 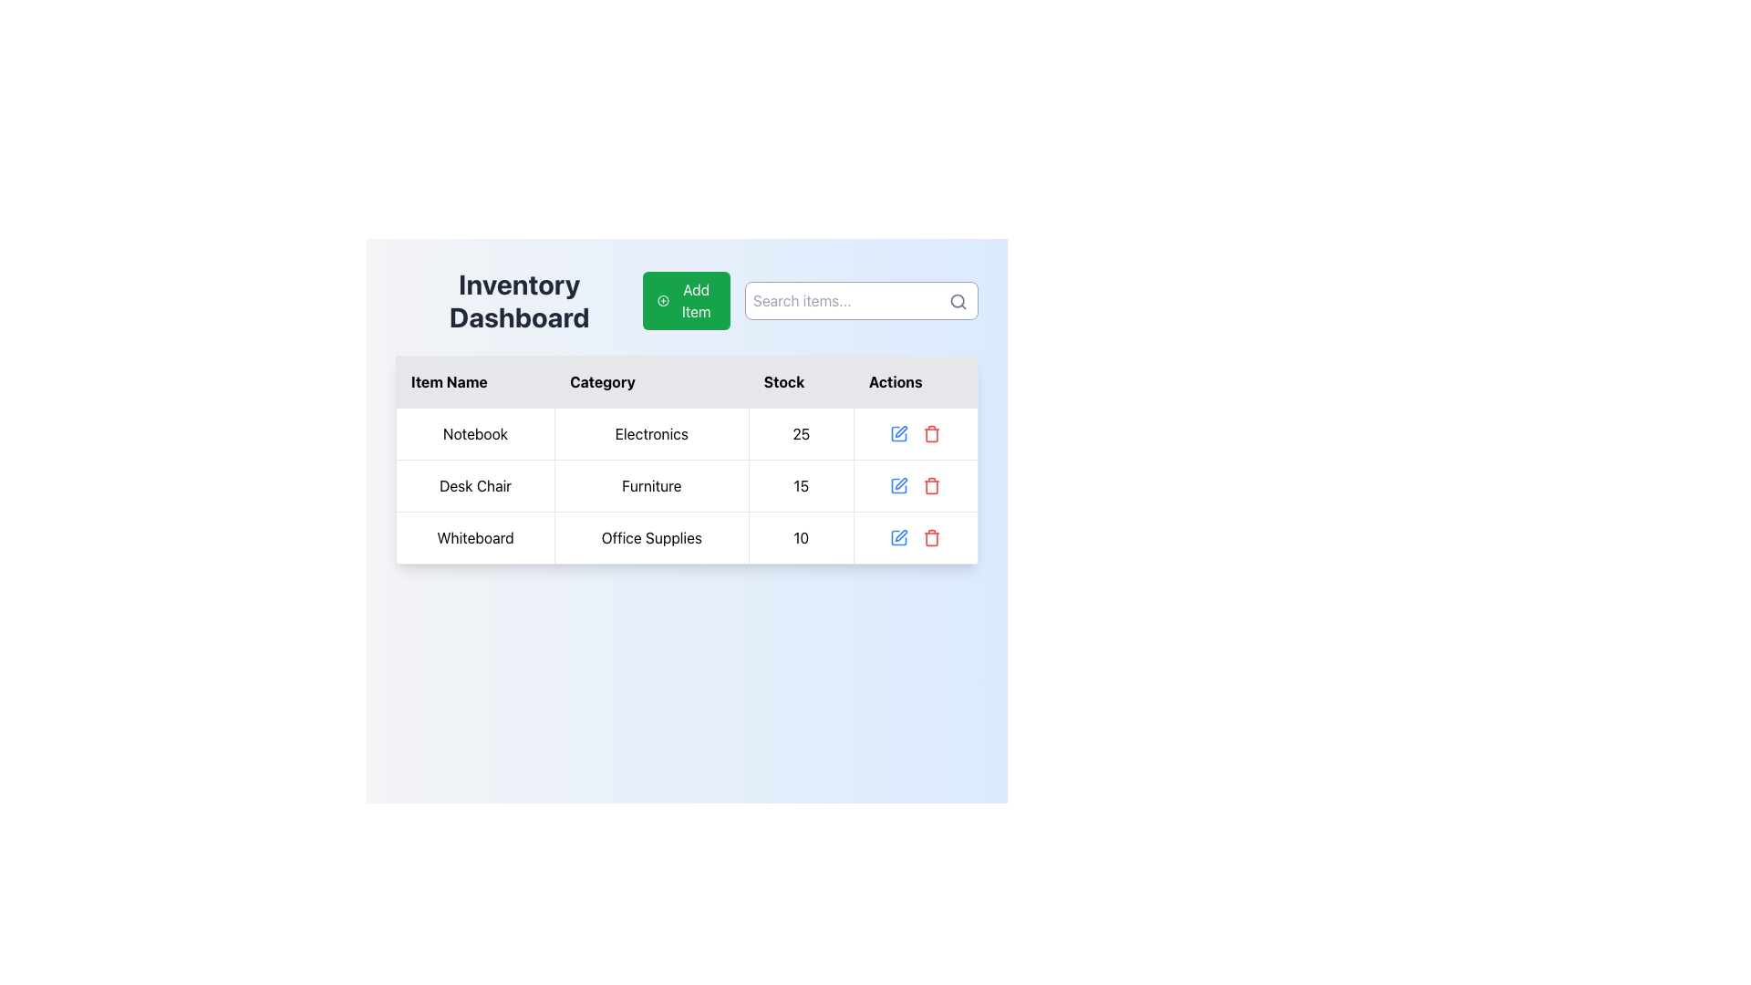 What do you see at coordinates (686, 433) in the screenshot?
I see `to select the topmost row of the table containing the columns 'Notebook', 'Electronics', '25', and action icons for edit and delete` at bounding box center [686, 433].